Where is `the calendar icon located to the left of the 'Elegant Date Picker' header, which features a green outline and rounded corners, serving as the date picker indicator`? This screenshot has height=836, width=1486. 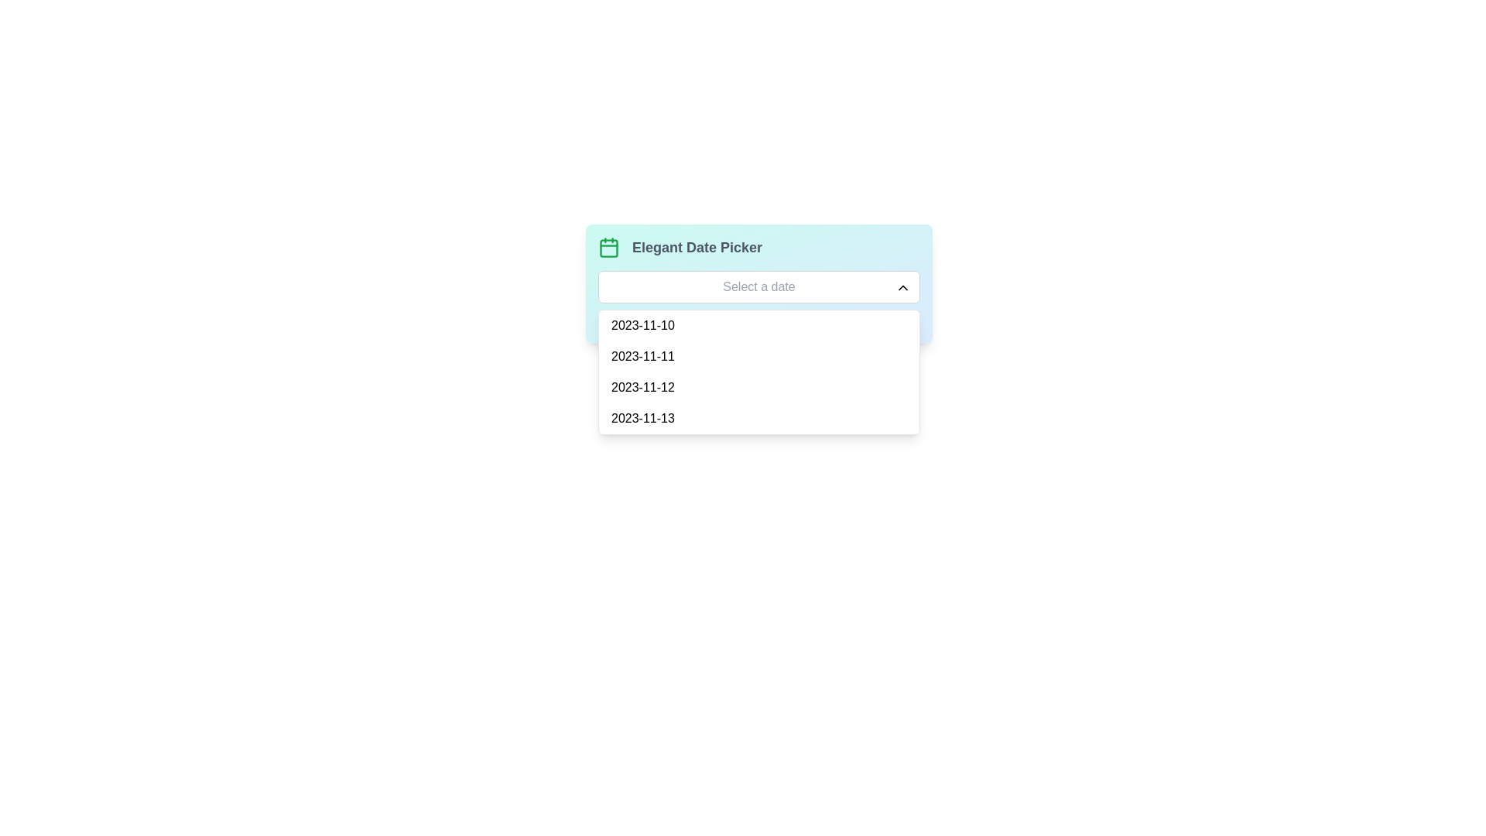 the calendar icon located to the left of the 'Elegant Date Picker' header, which features a green outline and rounded corners, serving as the date picker indicator is located at coordinates (608, 247).